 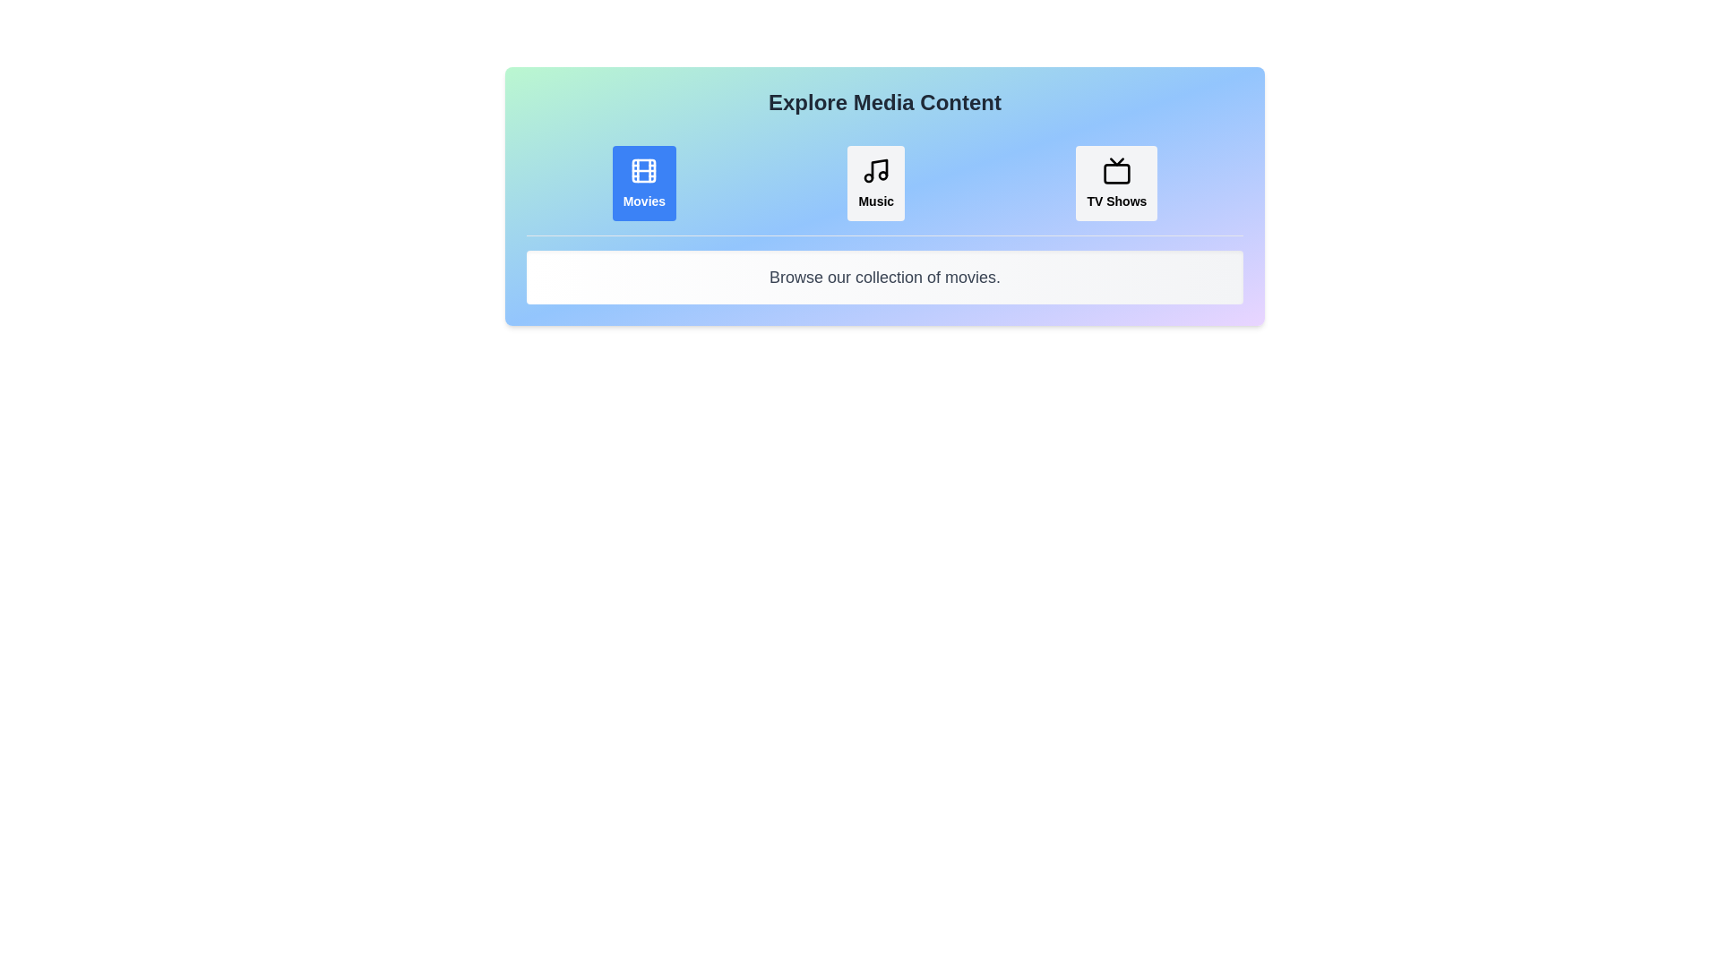 I want to click on the Interactive Button Group located beneath the title 'Explore Media Content', so click(x=885, y=183).